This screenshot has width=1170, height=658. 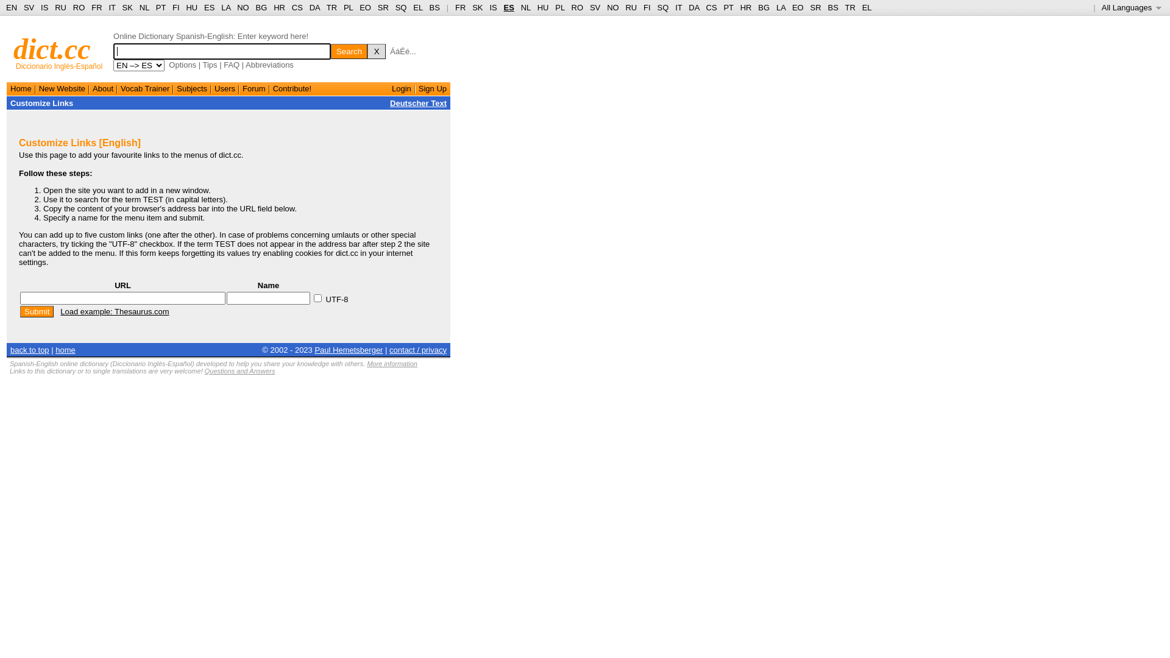 What do you see at coordinates (210, 65) in the screenshot?
I see `'Tips'` at bounding box center [210, 65].